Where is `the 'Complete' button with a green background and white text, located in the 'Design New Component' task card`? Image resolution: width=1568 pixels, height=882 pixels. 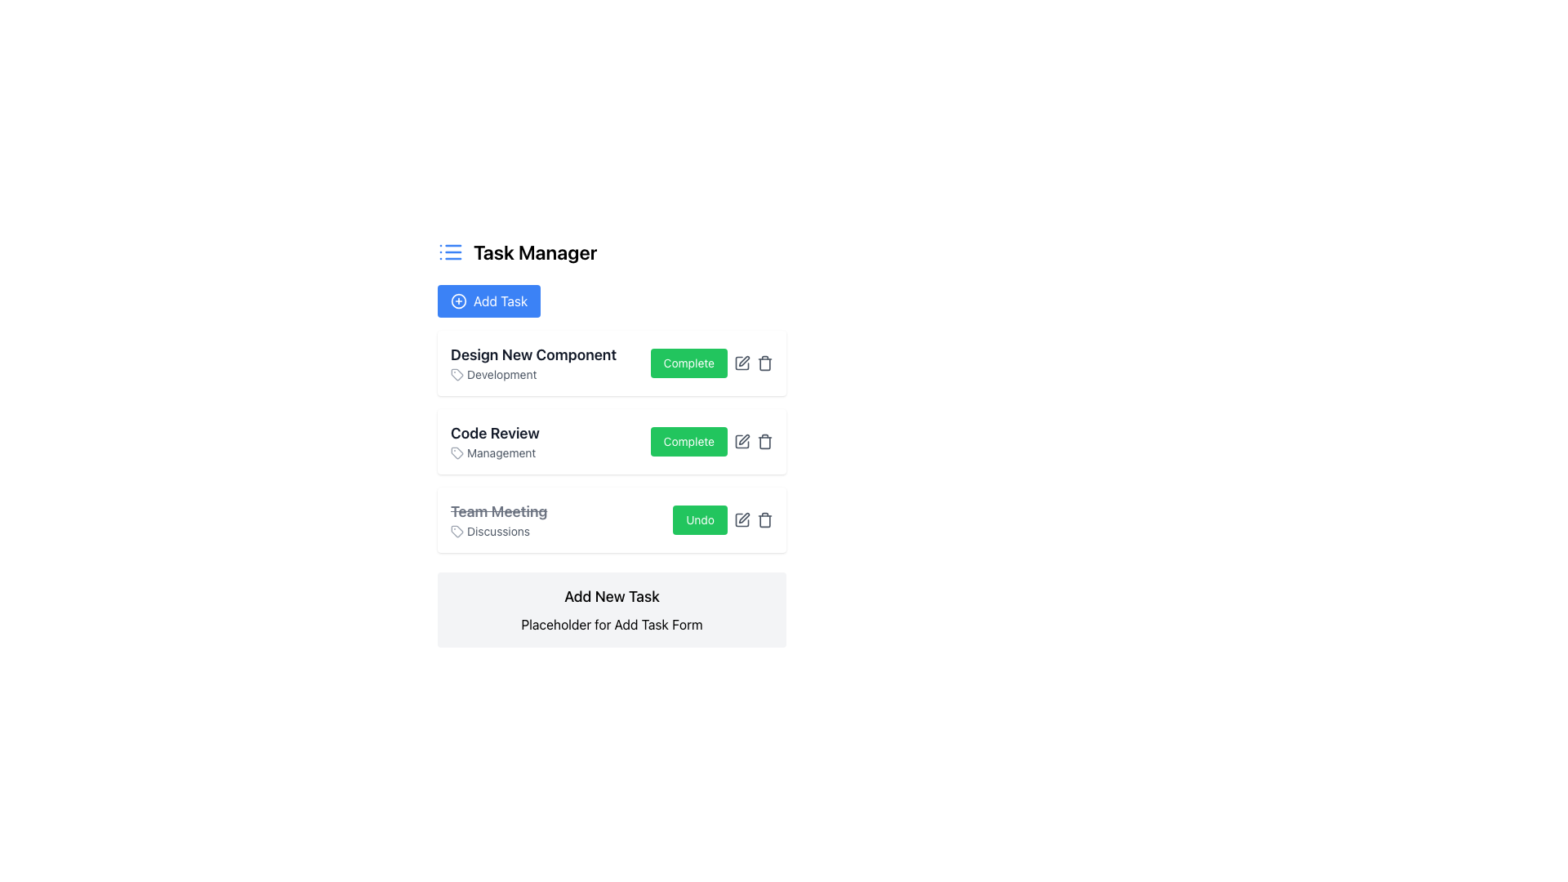
the 'Complete' button with a green background and white text, located in the 'Design New Component' task card is located at coordinates (711, 362).